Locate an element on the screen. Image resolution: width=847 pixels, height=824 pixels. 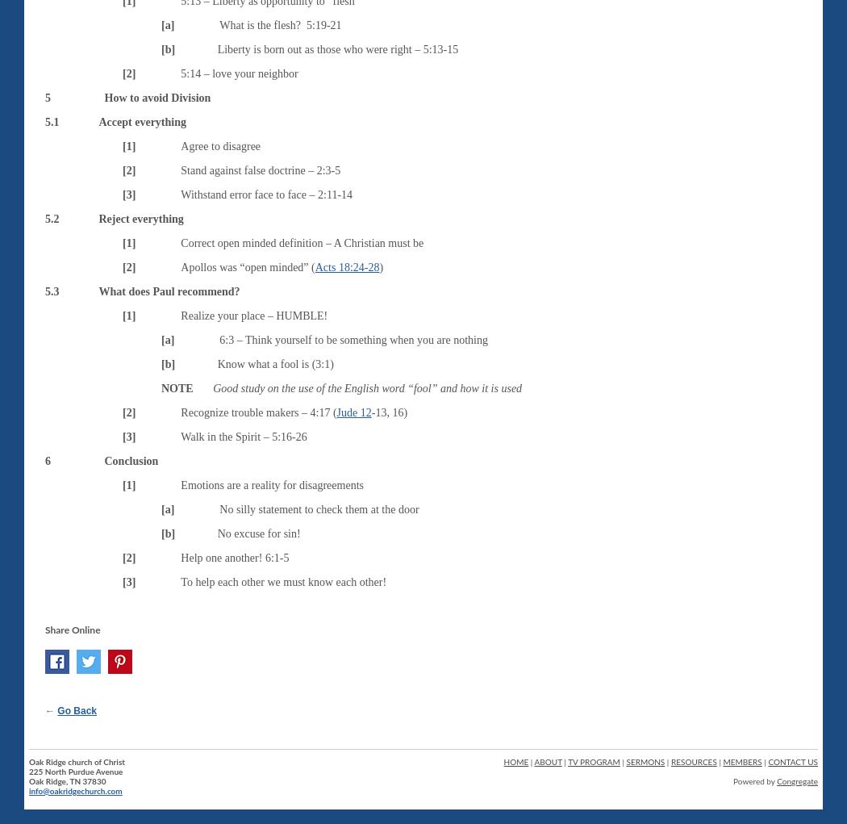
'Oak Ridge church of Christ' is located at coordinates (77, 761).